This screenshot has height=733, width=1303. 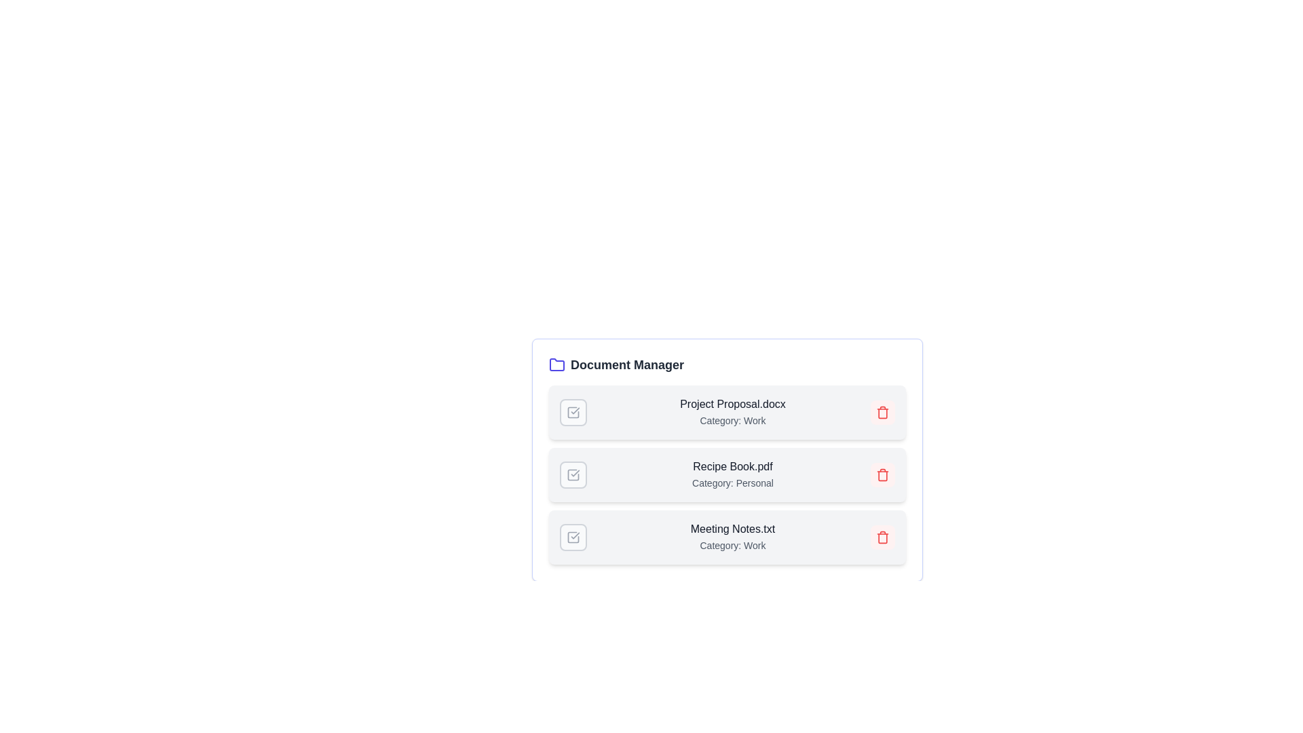 I want to click on the delete button located in the rightmost section of the 'Recipe Book.pdf' card under the category label 'Personal', so click(x=882, y=474).